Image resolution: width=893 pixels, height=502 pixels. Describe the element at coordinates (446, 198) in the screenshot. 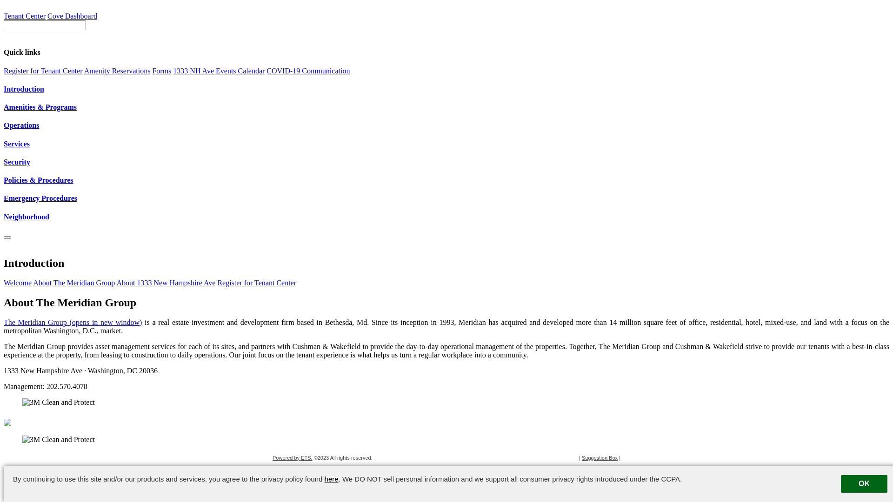

I see `'Emergency Procedures'` at that location.